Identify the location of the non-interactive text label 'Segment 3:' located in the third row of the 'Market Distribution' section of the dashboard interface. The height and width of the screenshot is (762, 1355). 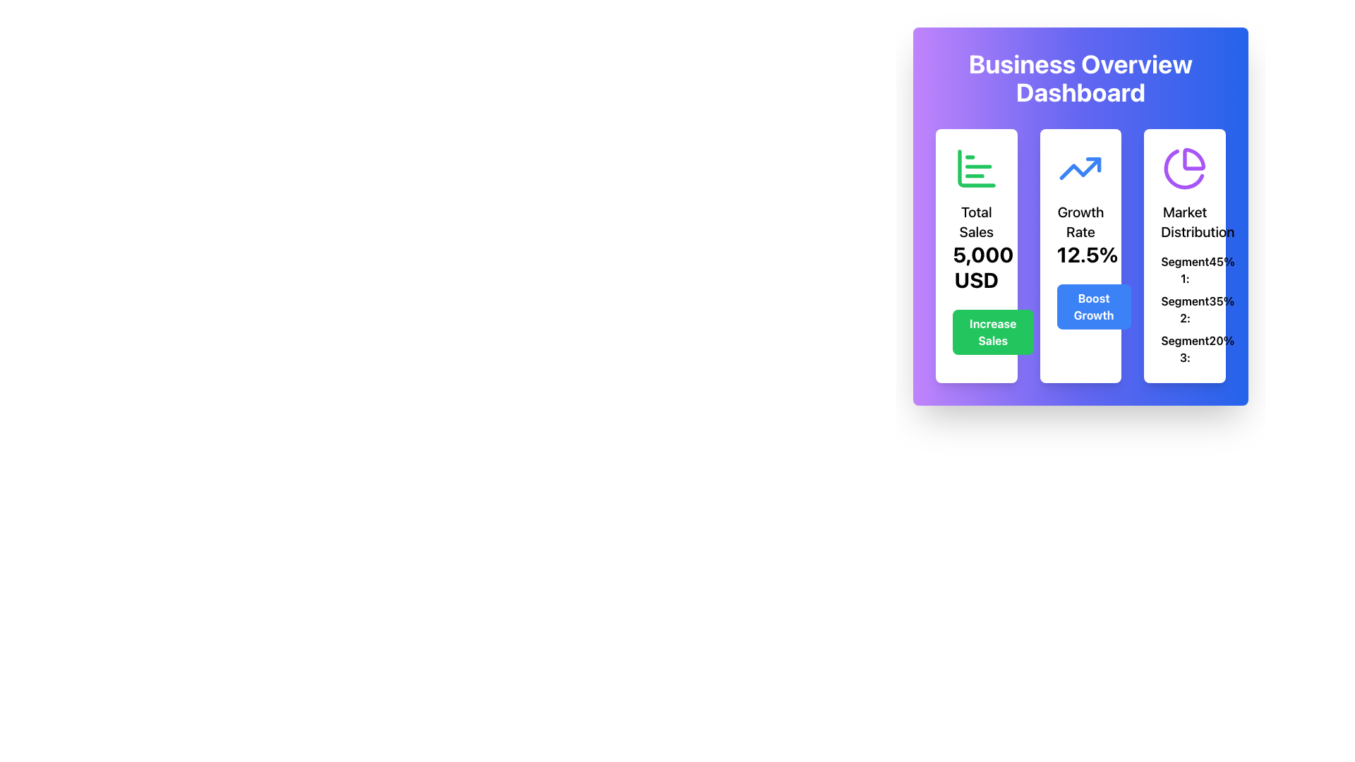
(1185, 349).